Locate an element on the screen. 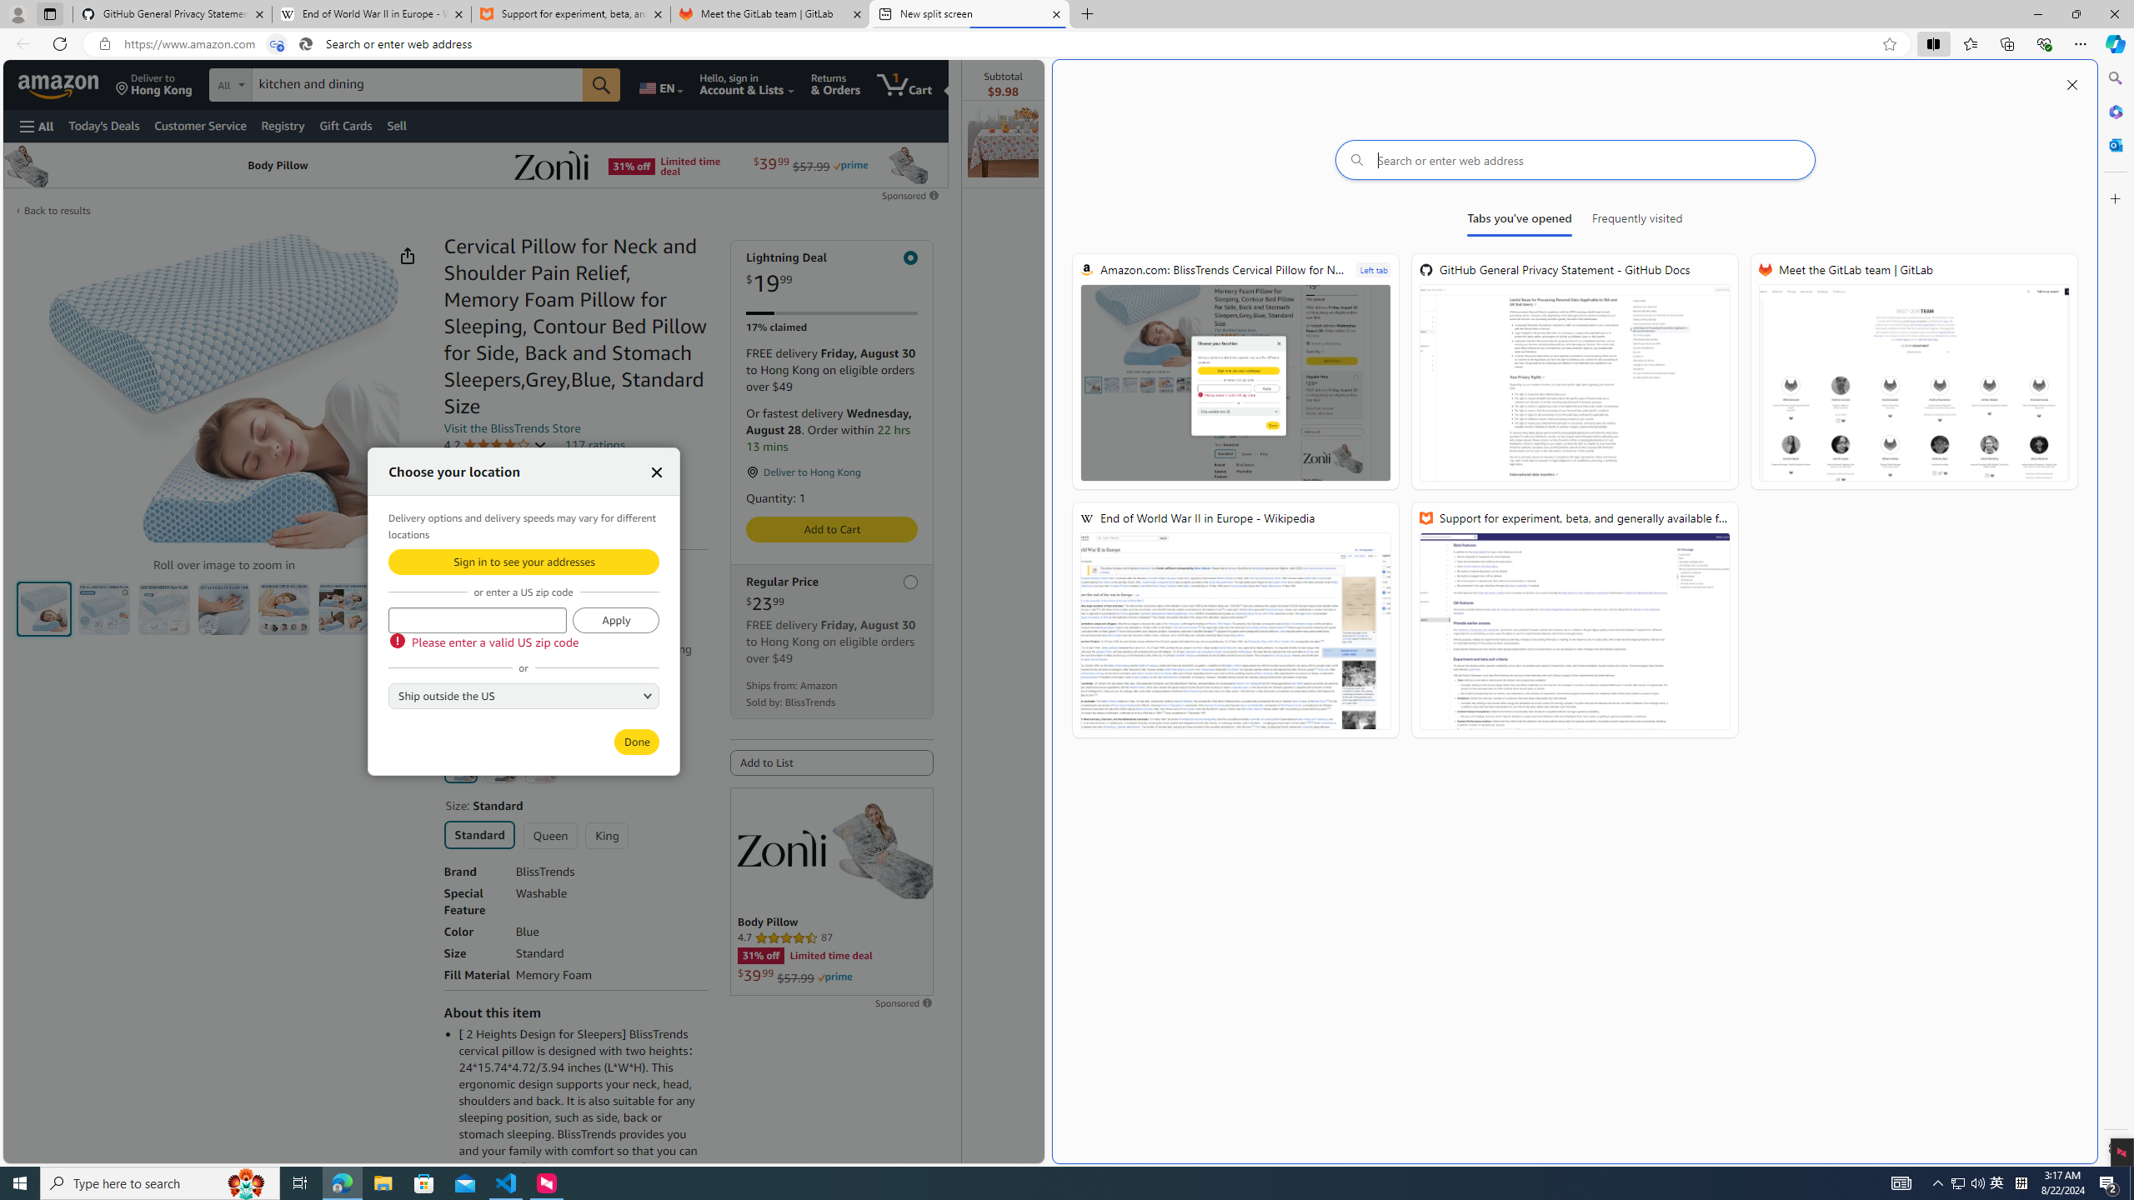 This screenshot has width=2134, height=1200. 'Sign in to see your addresses' is located at coordinates (523, 561).